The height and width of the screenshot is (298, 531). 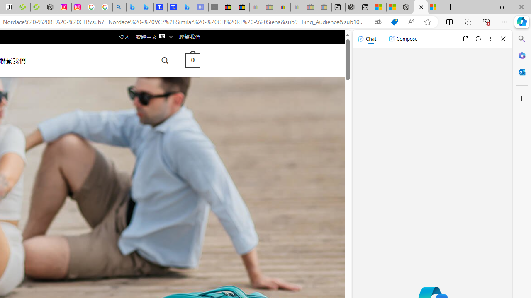 I want to click on 'Descarga Driver Updater', so click(x=37, y=7).